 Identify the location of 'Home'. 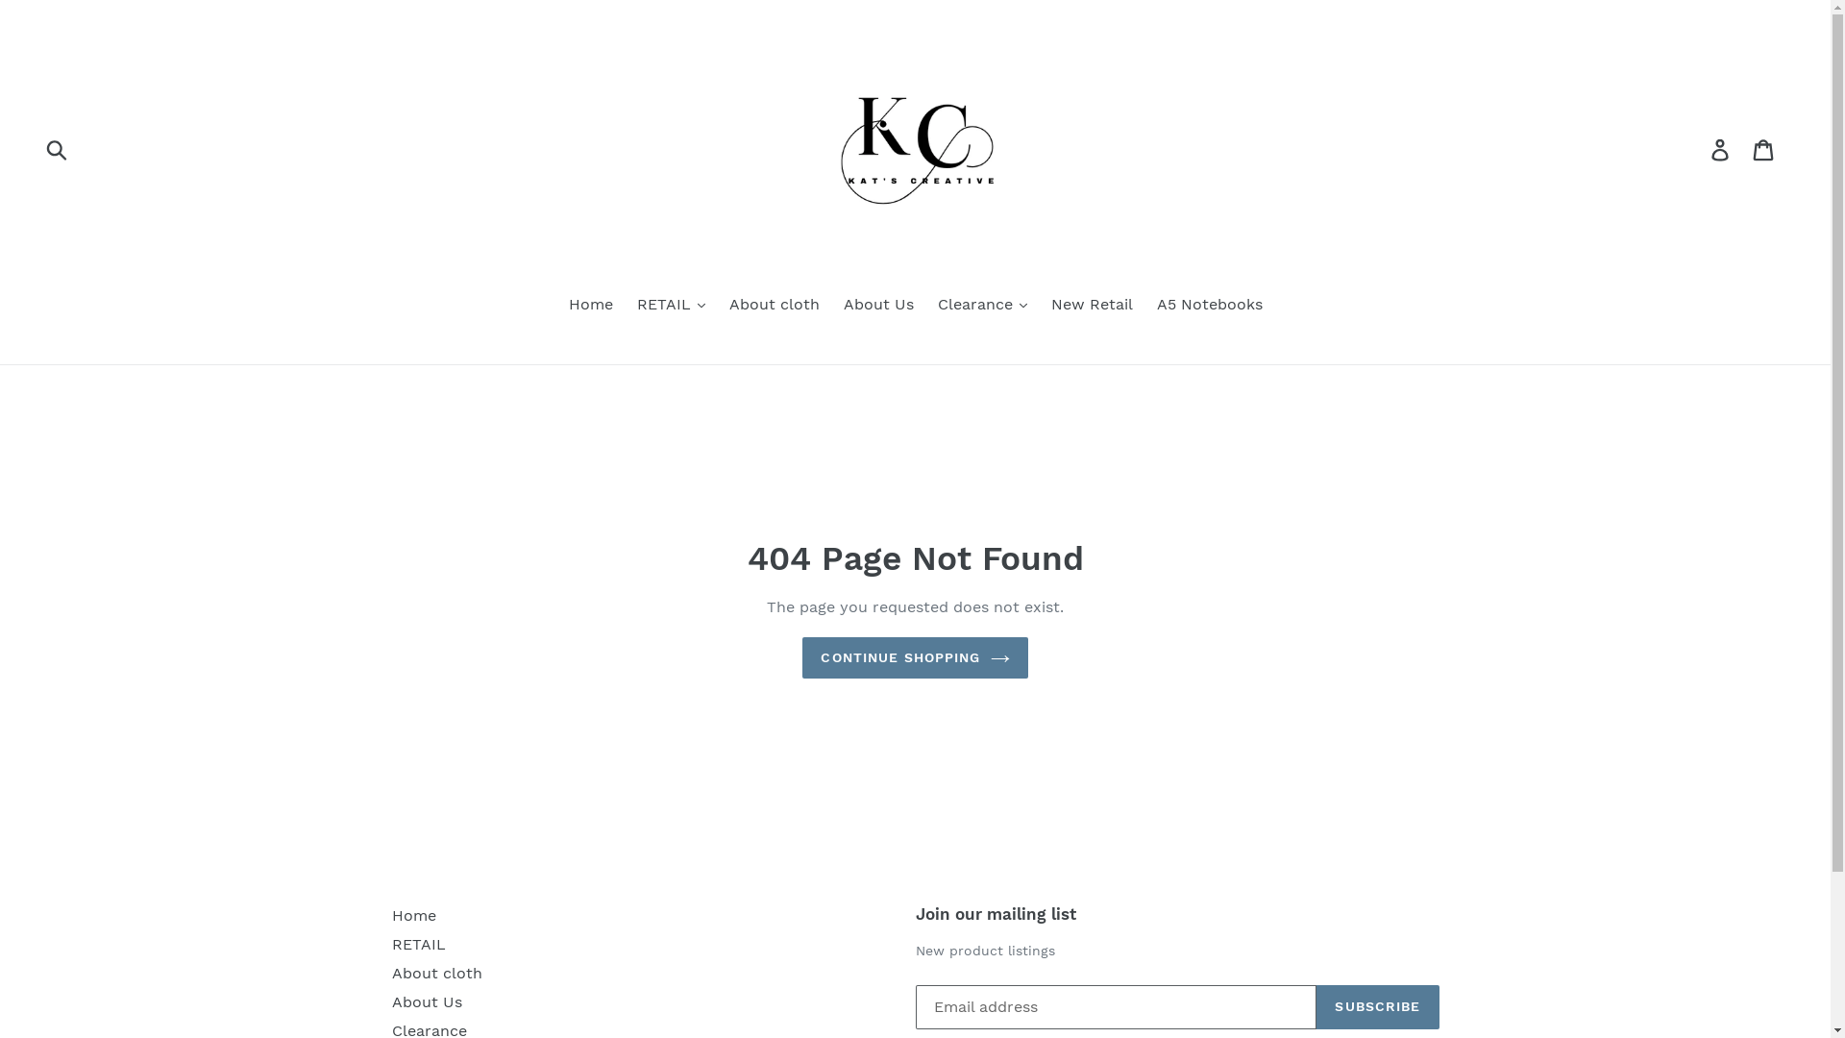
(391, 914).